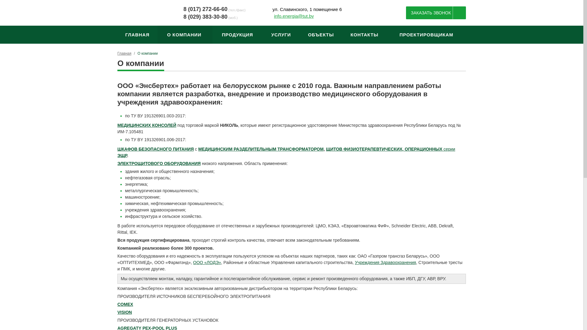 The height and width of the screenshot is (330, 587). What do you see at coordinates (183, 9) in the screenshot?
I see `'8 (017) 272-66-60'` at bounding box center [183, 9].